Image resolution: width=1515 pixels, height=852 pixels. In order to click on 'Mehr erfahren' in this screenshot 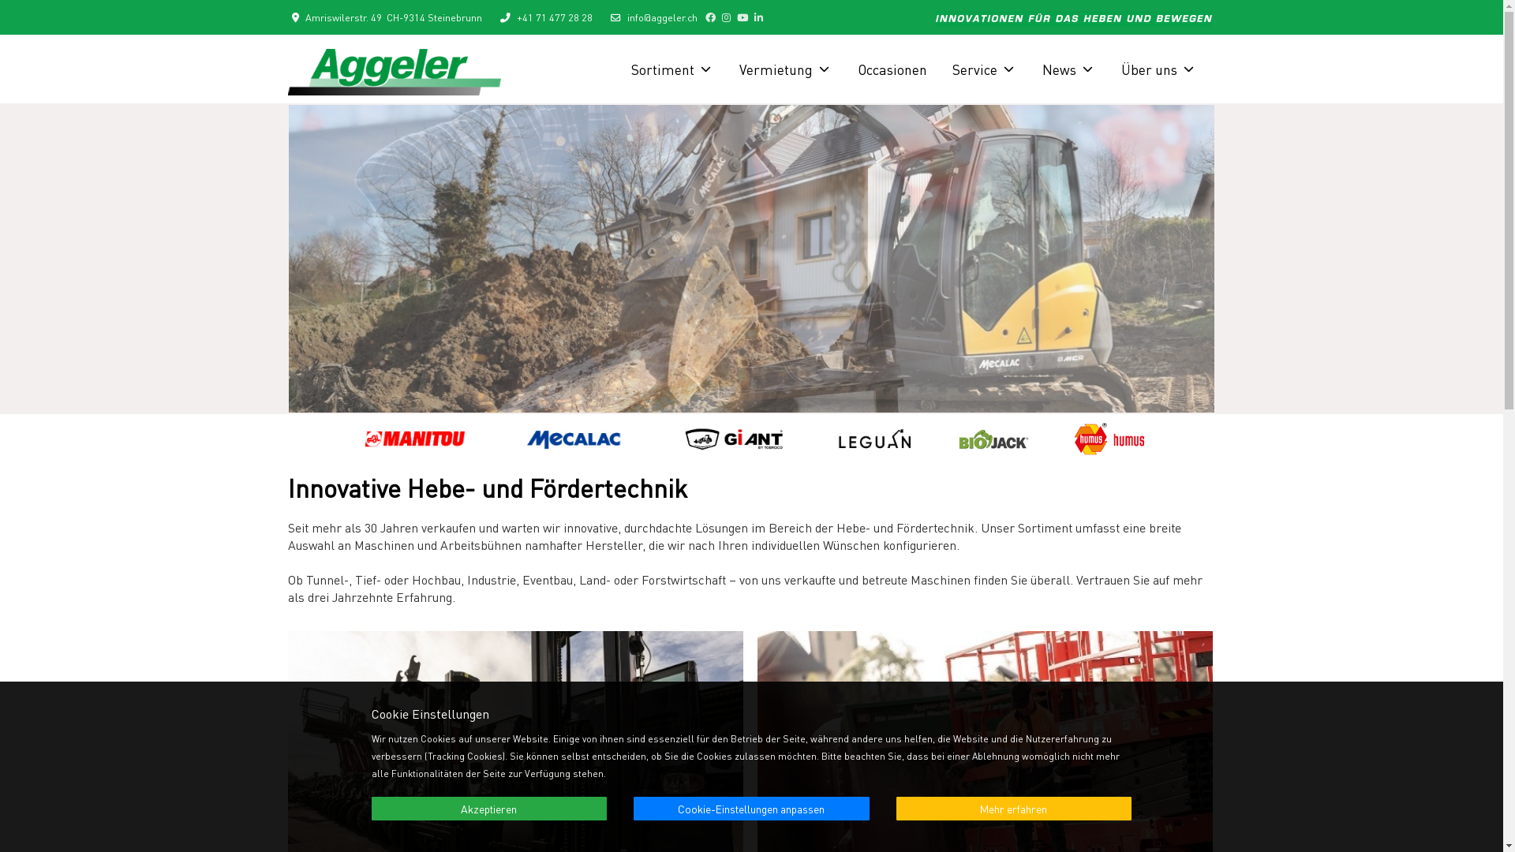, I will do `click(1014, 809)`.